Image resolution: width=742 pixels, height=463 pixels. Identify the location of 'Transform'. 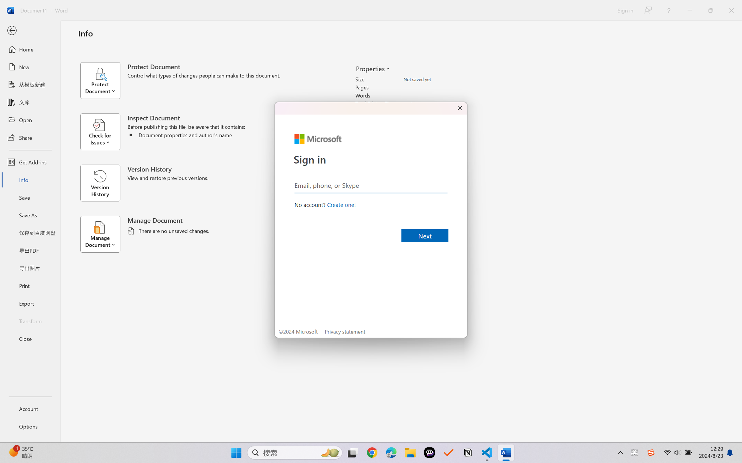
(30, 320).